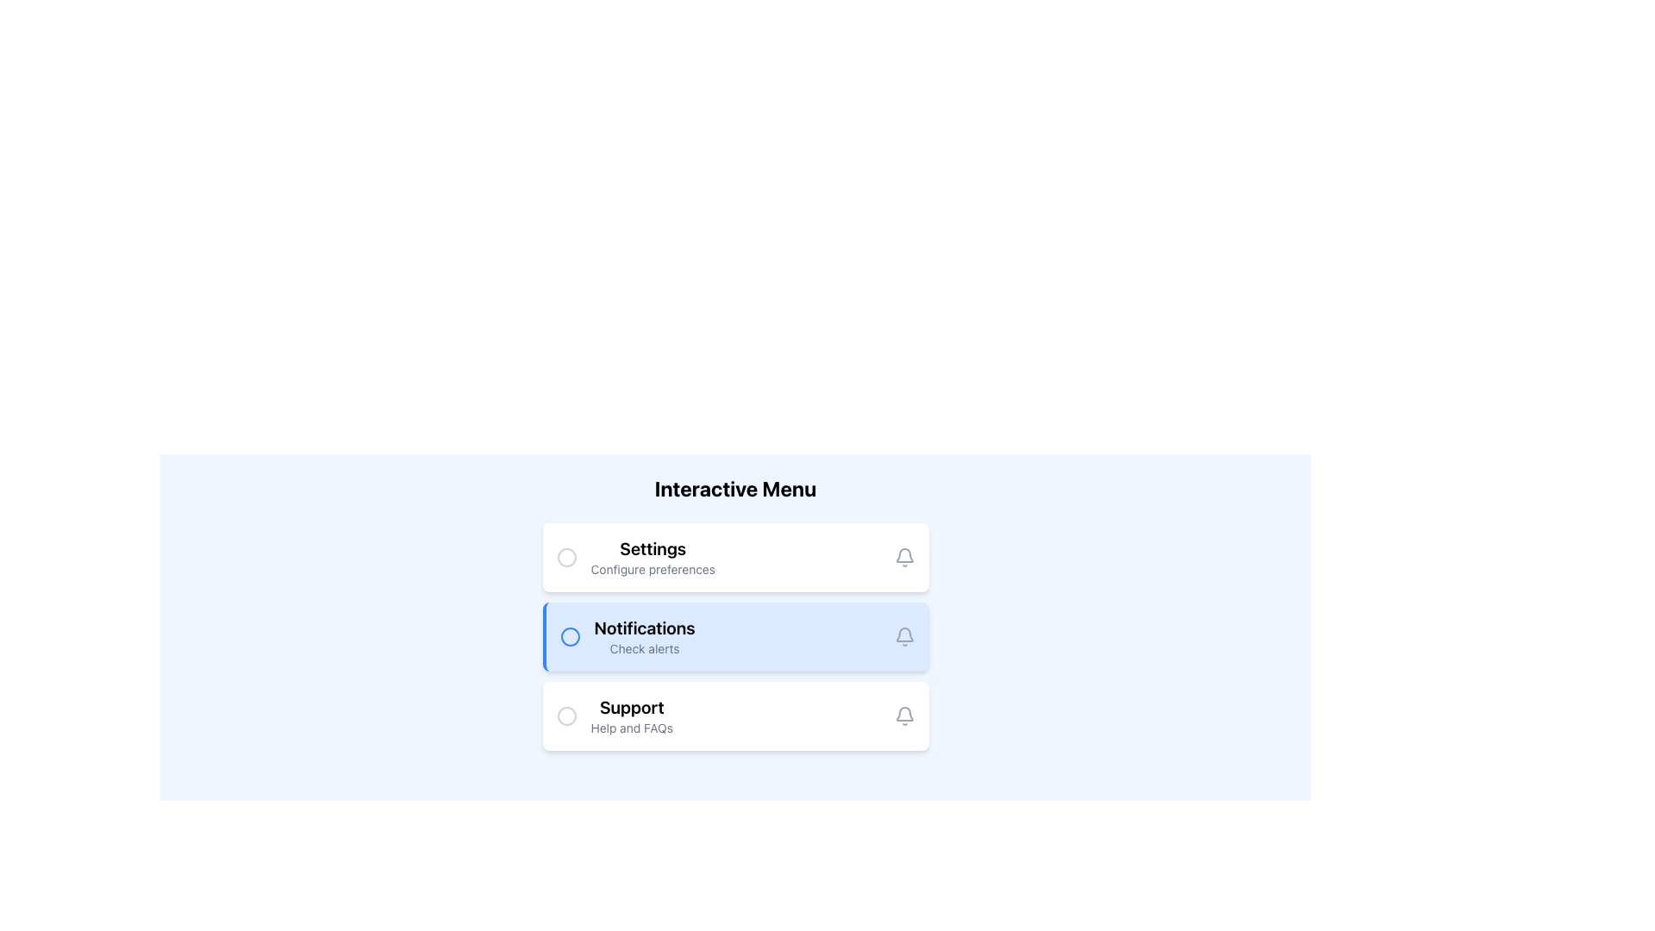  What do you see at coordinates (652, 558) in the screenshot?
I see `the 'Settings' menu item located in the vertical menu layout to navigate to the settings page` at bounding box center [652, 558].